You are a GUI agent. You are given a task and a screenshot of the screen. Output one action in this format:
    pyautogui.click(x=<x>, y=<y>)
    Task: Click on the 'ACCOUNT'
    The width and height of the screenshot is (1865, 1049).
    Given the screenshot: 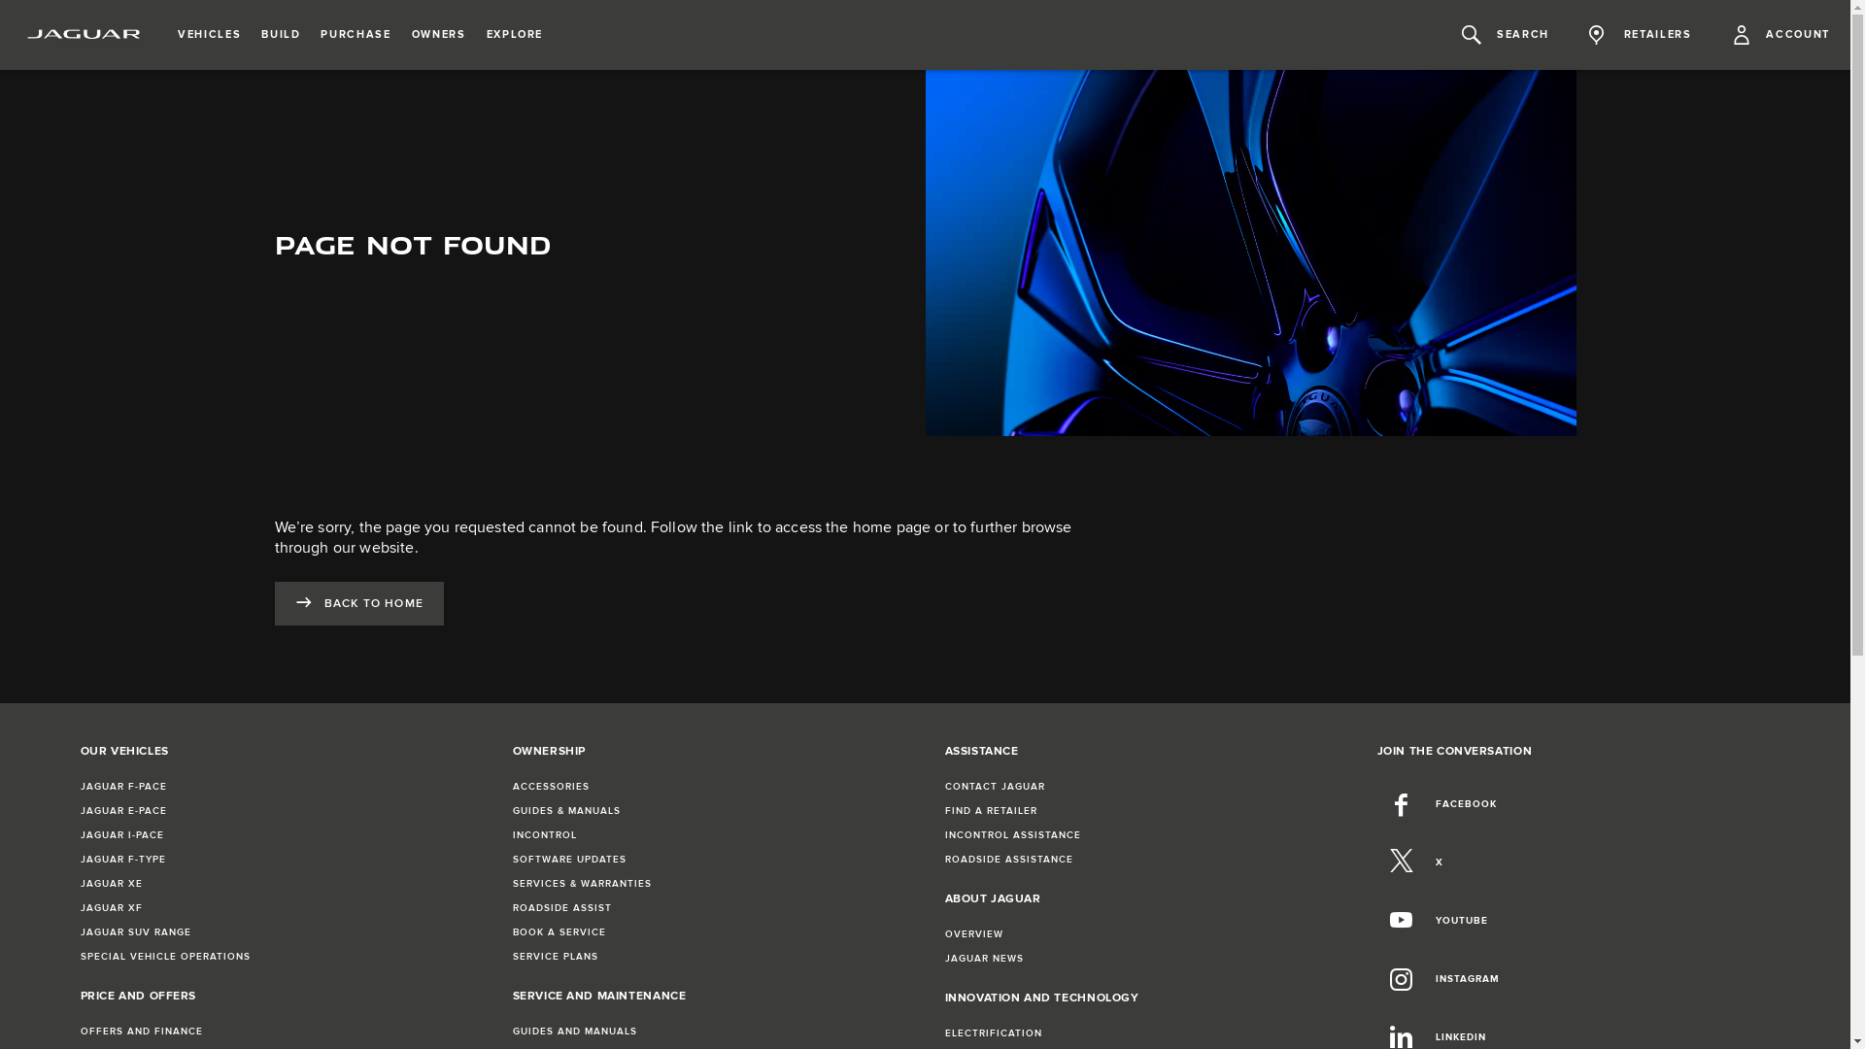 What is the action you would take?
    pyautogui.click(x=1780, y=34)
    